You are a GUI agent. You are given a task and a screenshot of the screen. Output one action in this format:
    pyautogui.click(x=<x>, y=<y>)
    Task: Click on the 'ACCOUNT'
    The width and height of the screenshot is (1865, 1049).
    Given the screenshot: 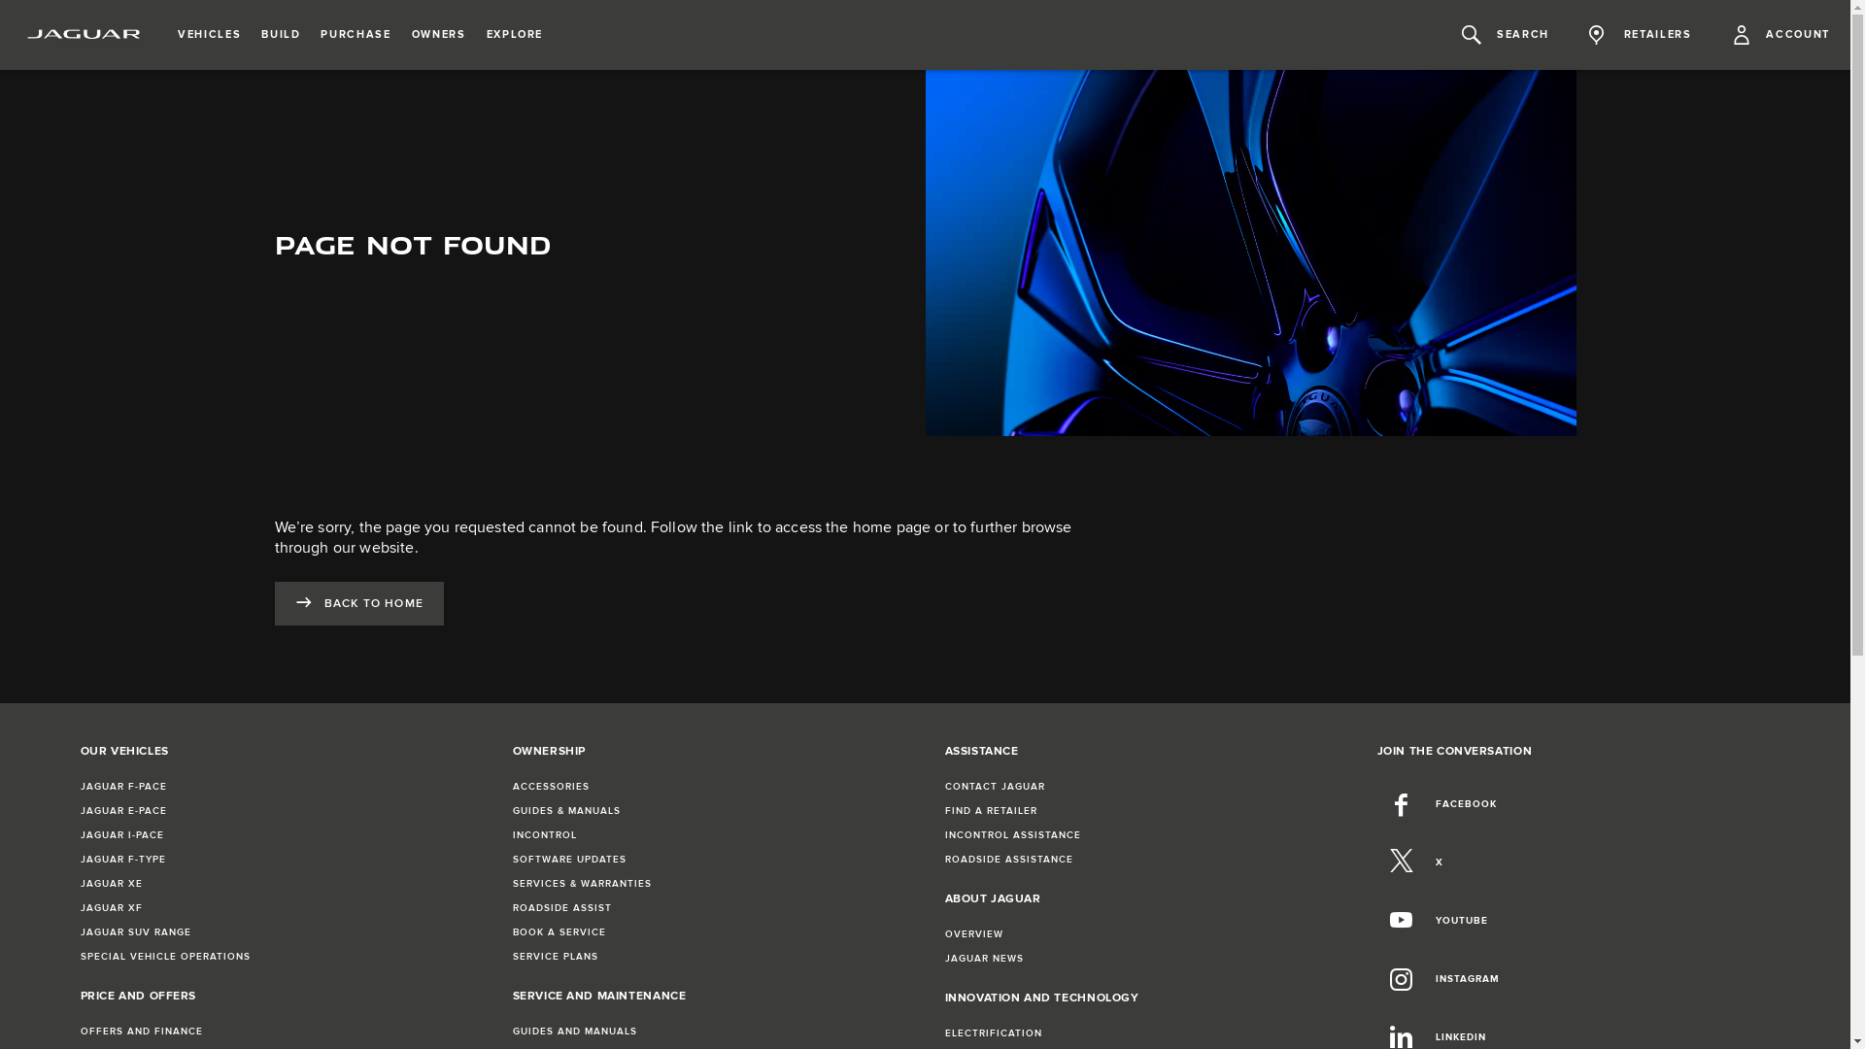 What is the action you would take?
    pyautogui.click(x=1780, y=34)
    